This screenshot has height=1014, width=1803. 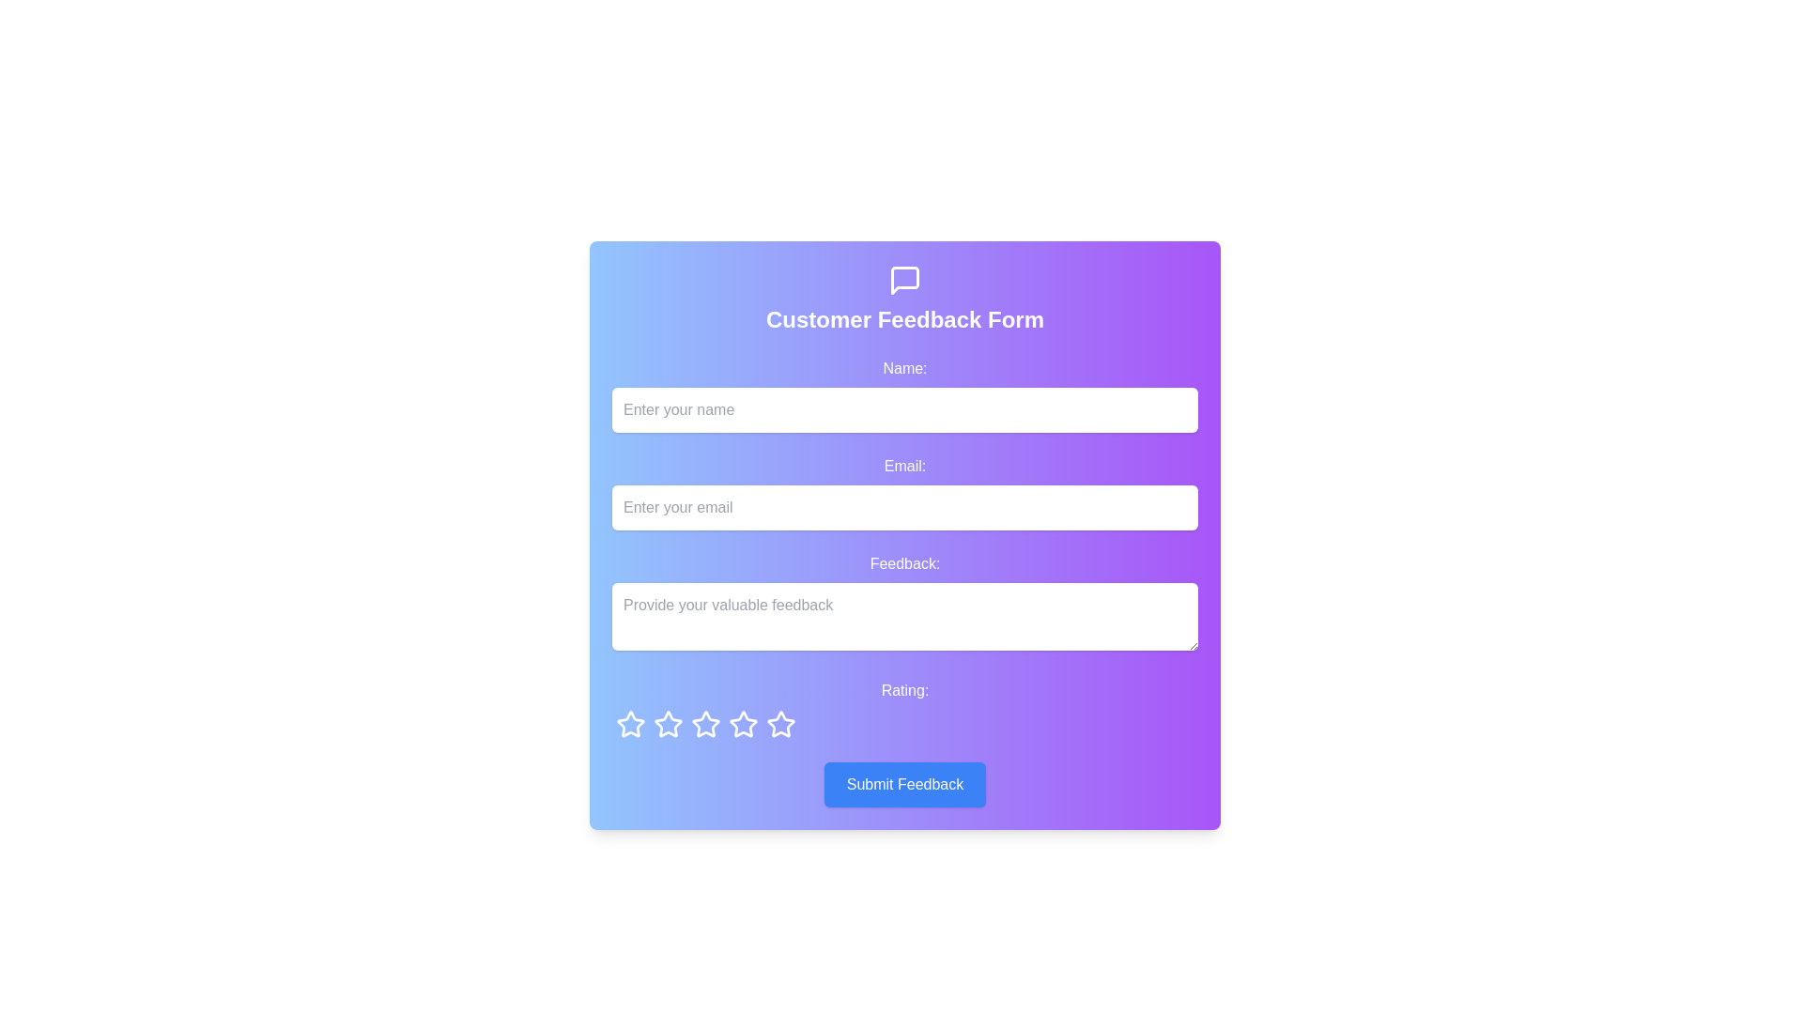 I want to click on the heading text in the feedback form, which is centrally located in the upper section below a speech bubble icon, so click(x=905, y=318).